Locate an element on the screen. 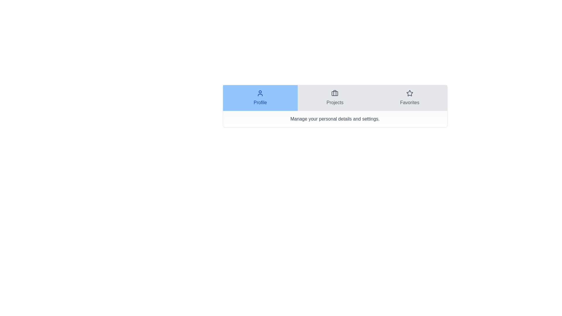 The image size is (562, 316). the tab Projects to display its content is located at coordinates (335, 98).